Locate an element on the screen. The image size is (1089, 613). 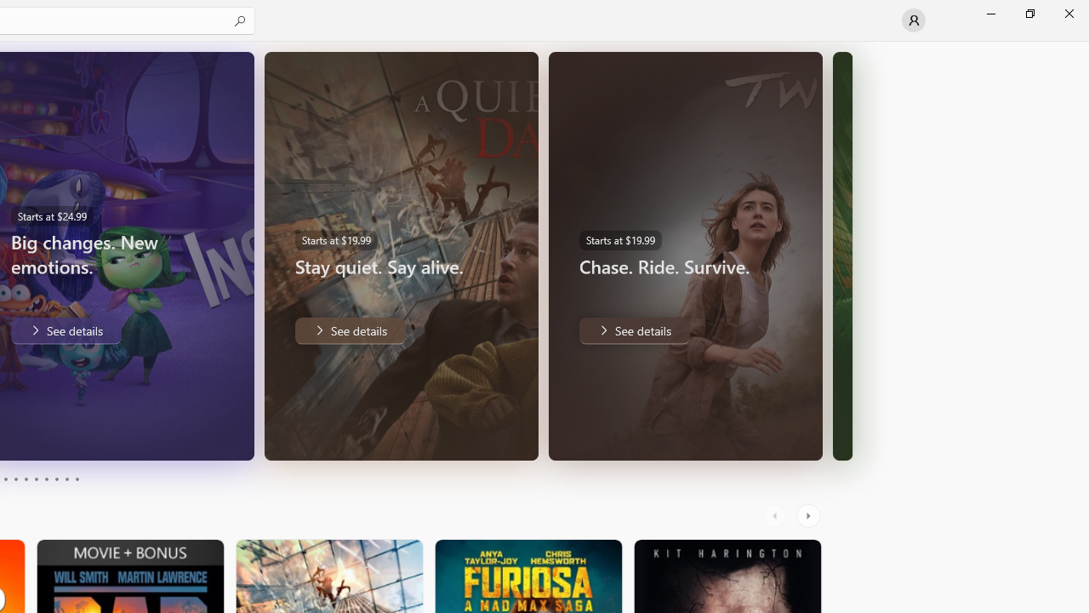
'Page 5' is located at coordinates (26, 479).